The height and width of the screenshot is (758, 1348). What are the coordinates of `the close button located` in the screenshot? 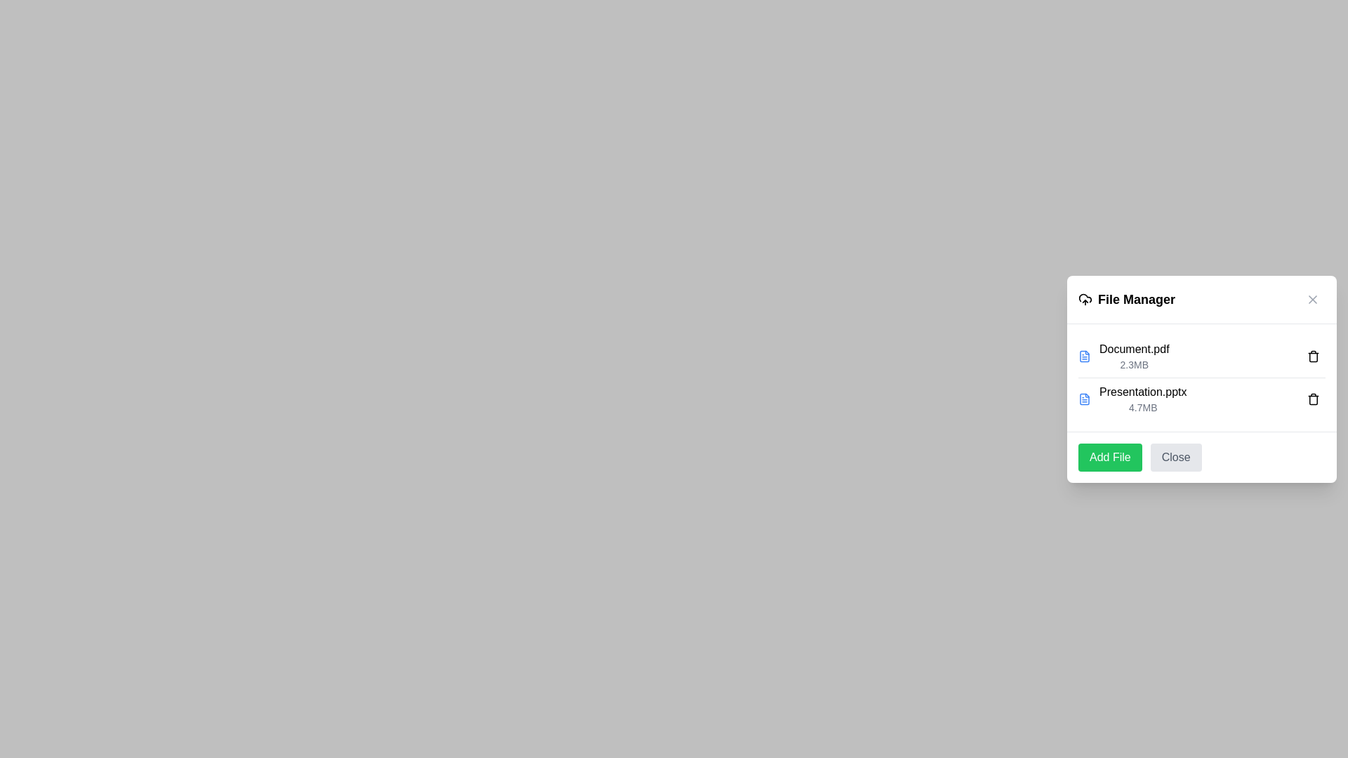 It's located at (1312, 298).